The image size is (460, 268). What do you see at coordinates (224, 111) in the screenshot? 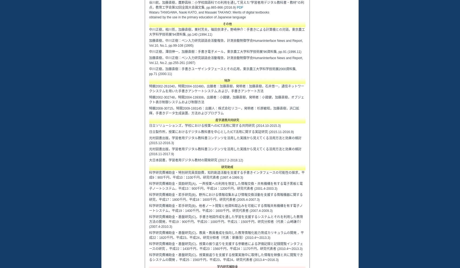
I see `'特願2008-30715，特開2009-193145：出願人：株式会社リコー，発明者：杉原敏昭，加藤直樹，浜口拡輝，手書きデータ生成装置、方法およびプログラム'` at bounding box center [224, 111].